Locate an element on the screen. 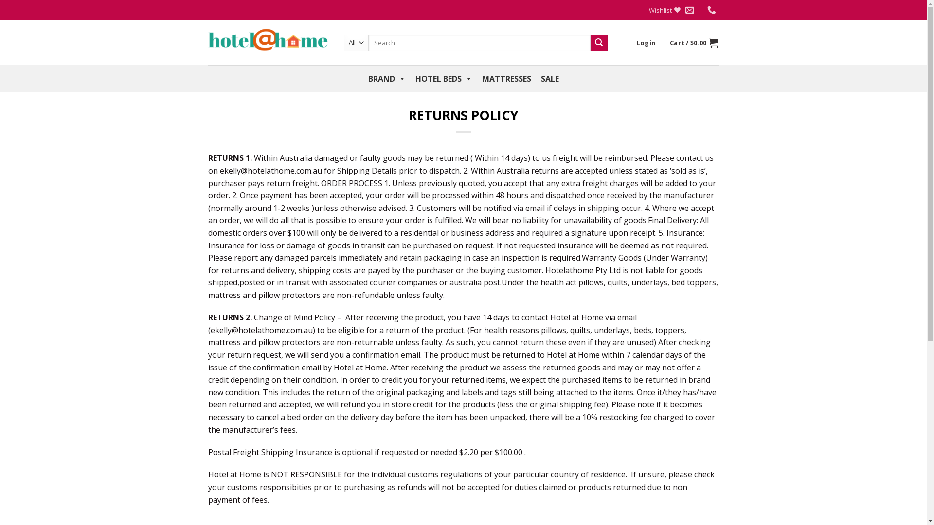 The height and width of the screenshot is (525, 934). 'MATTRESSES' is located at coordinates (506, 78).